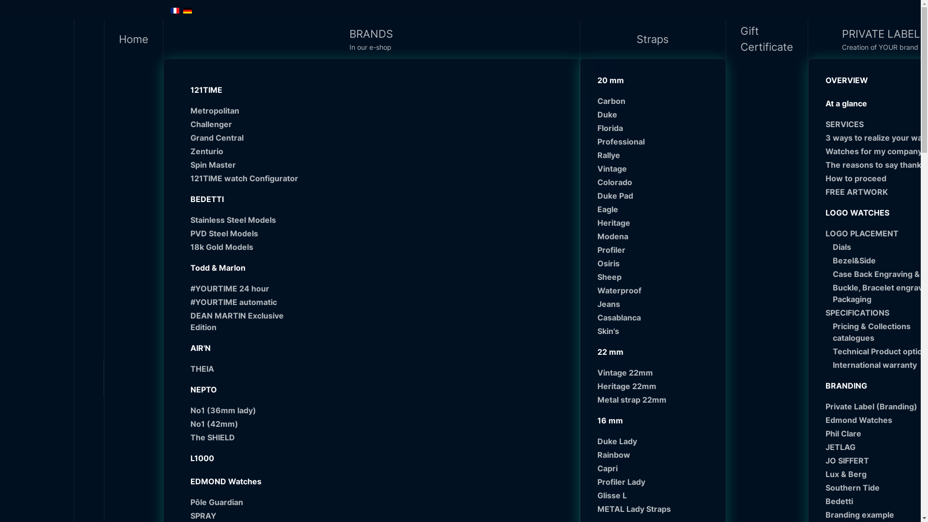 This screenshot has height=522, width=928. Describe the element at coordinates (656, 223) in the screenshot. I see `'Heritage'` at that location.